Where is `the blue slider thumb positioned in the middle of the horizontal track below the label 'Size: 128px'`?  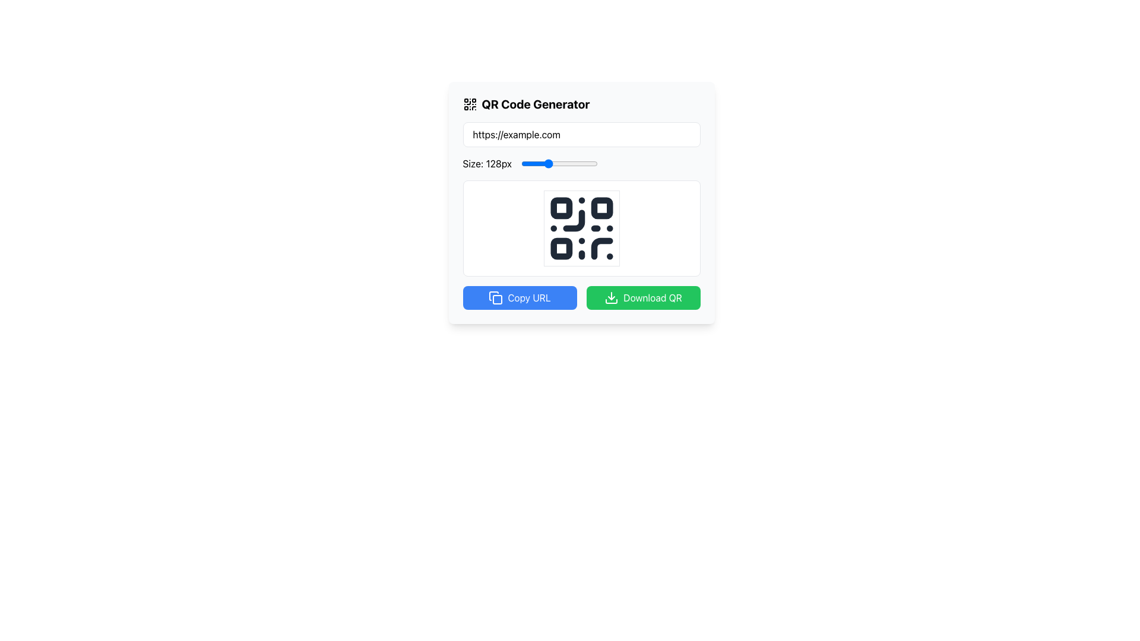 the blue slider thumb positioned in the middle of the horizontal track below the label 'Size: 128px' is located at coordinates (559, 164).